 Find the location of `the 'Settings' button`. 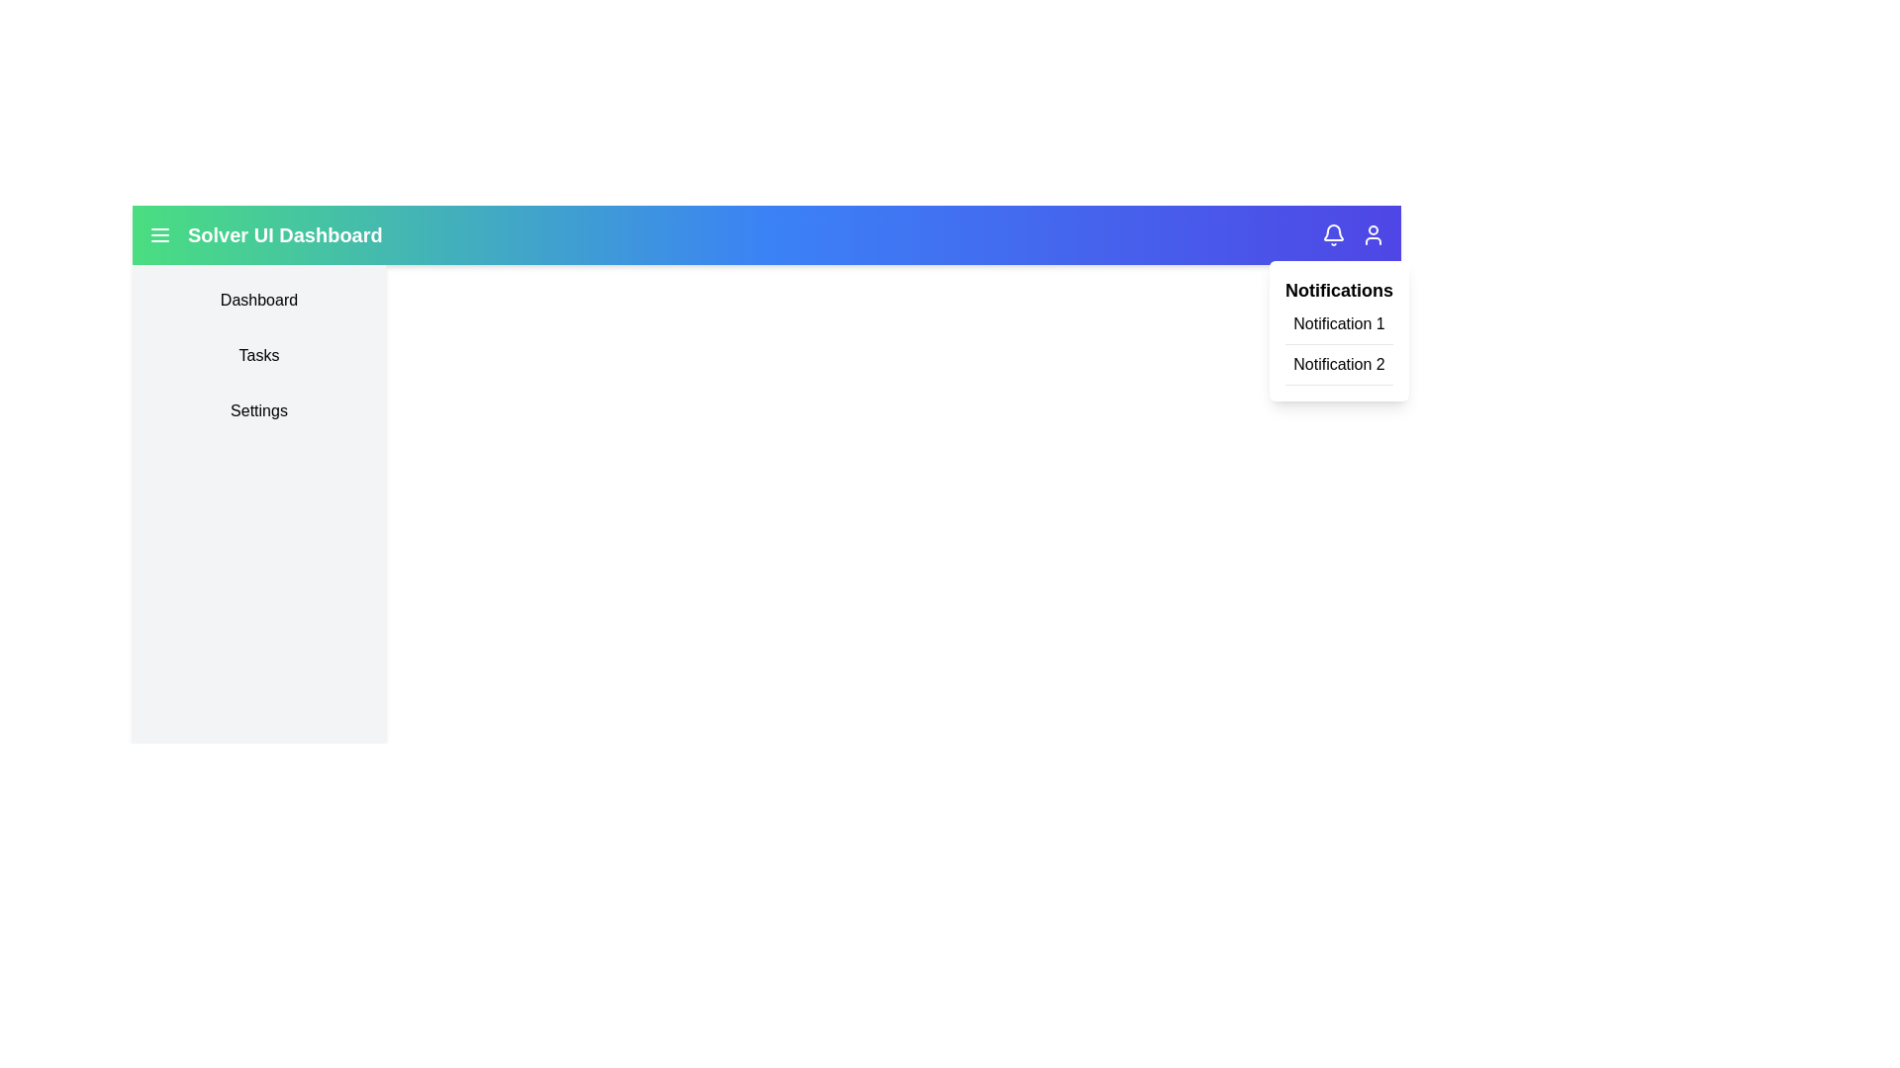

the 'Settings' button is located at coordinates (258, 410).